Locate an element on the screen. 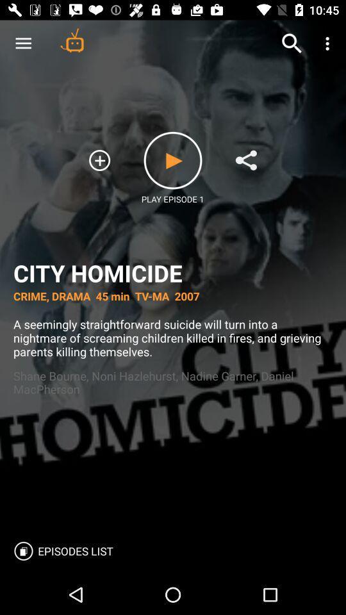  to playlist option is located at coordinates (99, 160).